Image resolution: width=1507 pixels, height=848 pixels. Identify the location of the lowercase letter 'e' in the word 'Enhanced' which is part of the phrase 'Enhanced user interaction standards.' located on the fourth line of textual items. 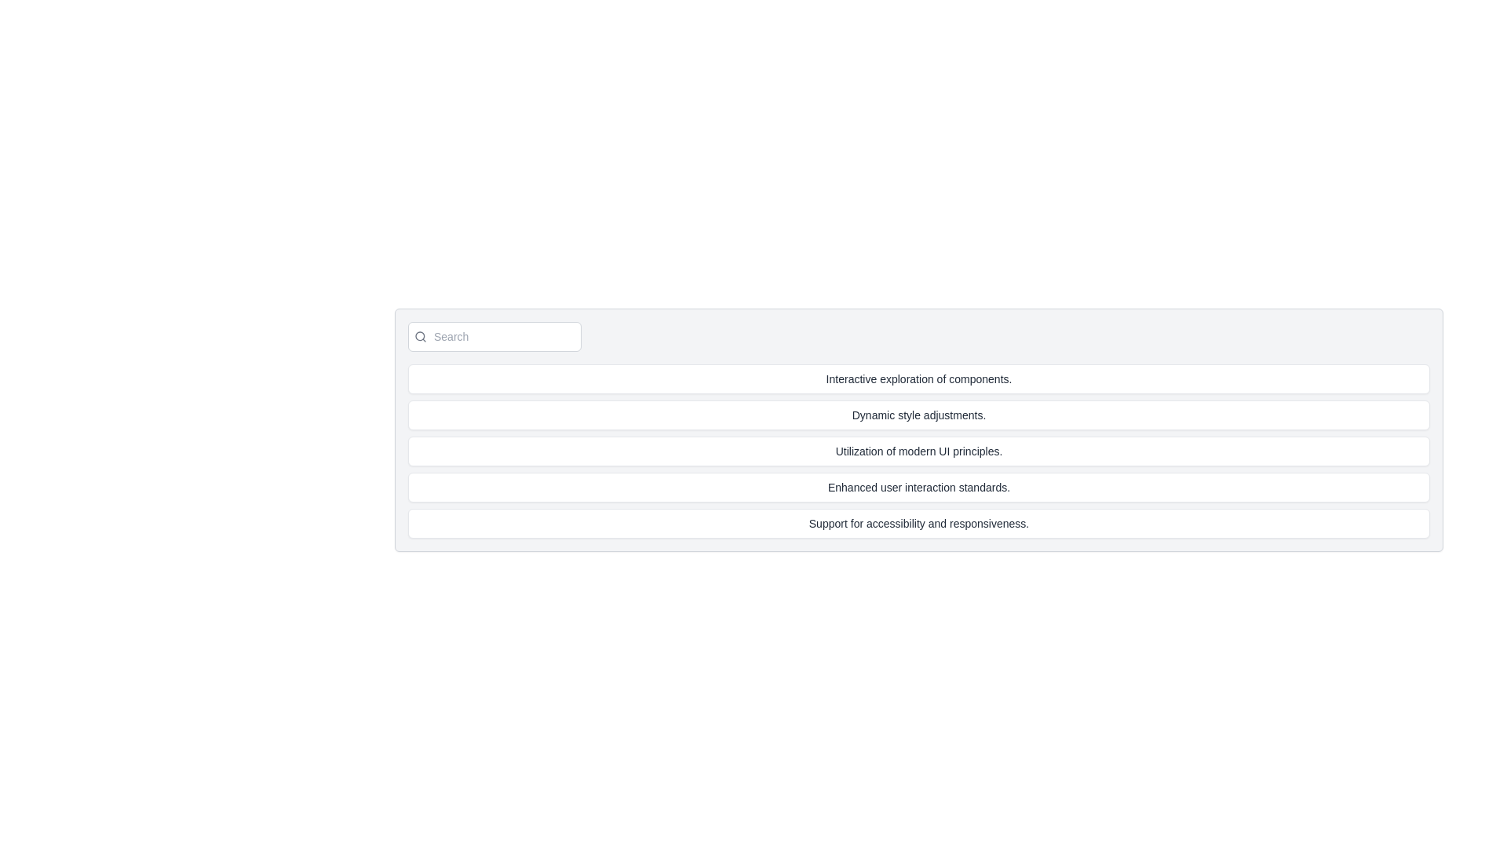
(867, 487).